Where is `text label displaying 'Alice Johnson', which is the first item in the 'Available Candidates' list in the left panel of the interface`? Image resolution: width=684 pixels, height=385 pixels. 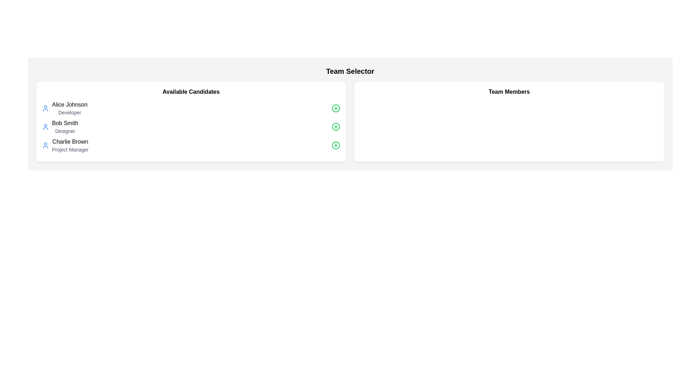 text label displaying 'Alice Johnson', which is the first item in the 'Available Candidates' list in the left panel of the interface is located at coordinates (69, 104).